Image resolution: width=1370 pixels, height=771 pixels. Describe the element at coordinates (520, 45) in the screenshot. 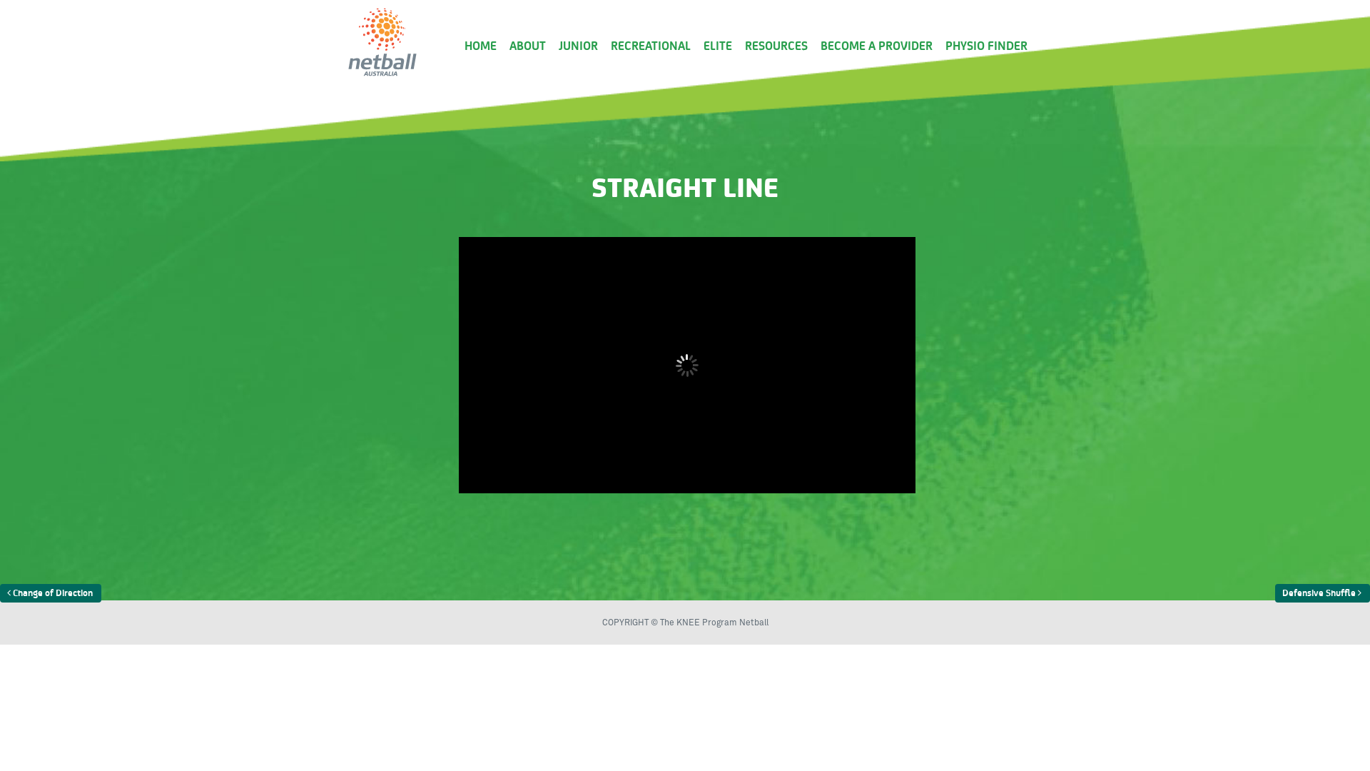

I see `'ABOUT'` at that location.